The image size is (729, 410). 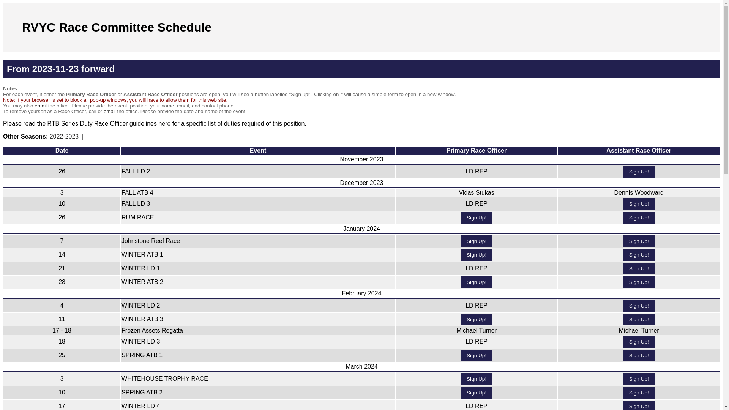 What do you see at coordinates (476, 355) in the screenshot?
I see `'Sign Up!'` at bounding box center [476, 355].